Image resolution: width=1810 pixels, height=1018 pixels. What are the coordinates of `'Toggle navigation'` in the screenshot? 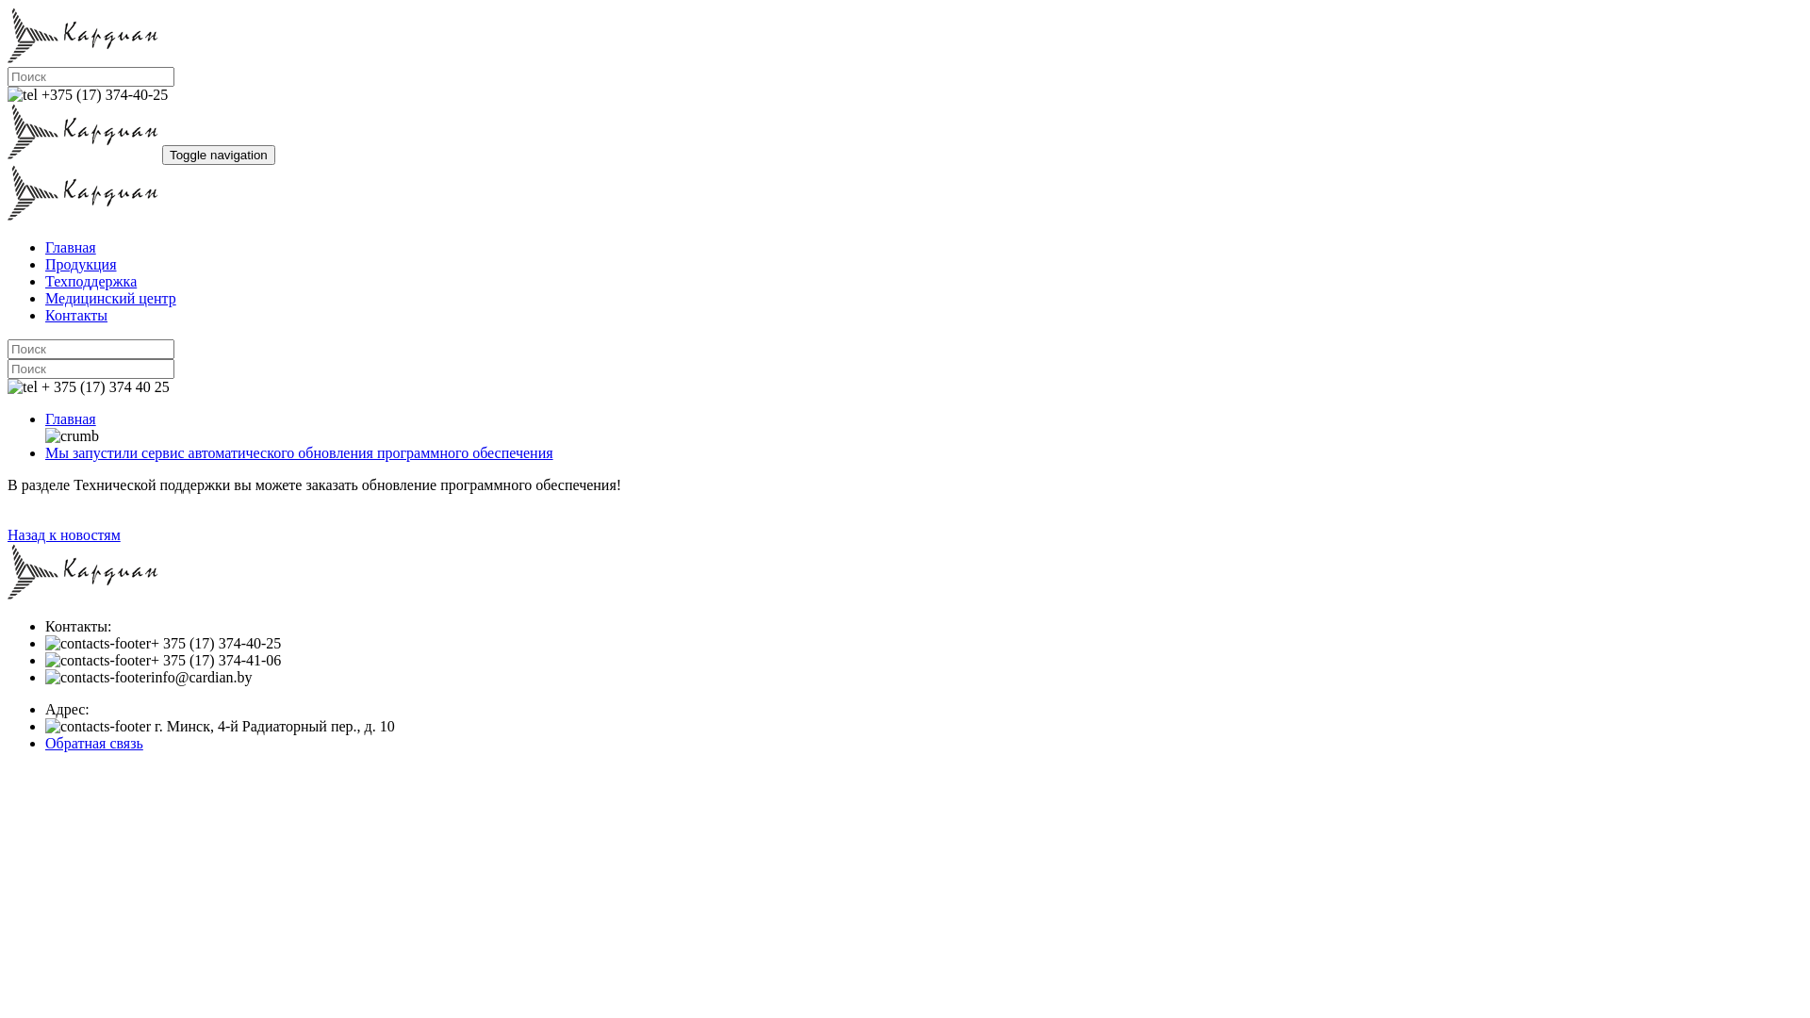 It's located at (218, 154).